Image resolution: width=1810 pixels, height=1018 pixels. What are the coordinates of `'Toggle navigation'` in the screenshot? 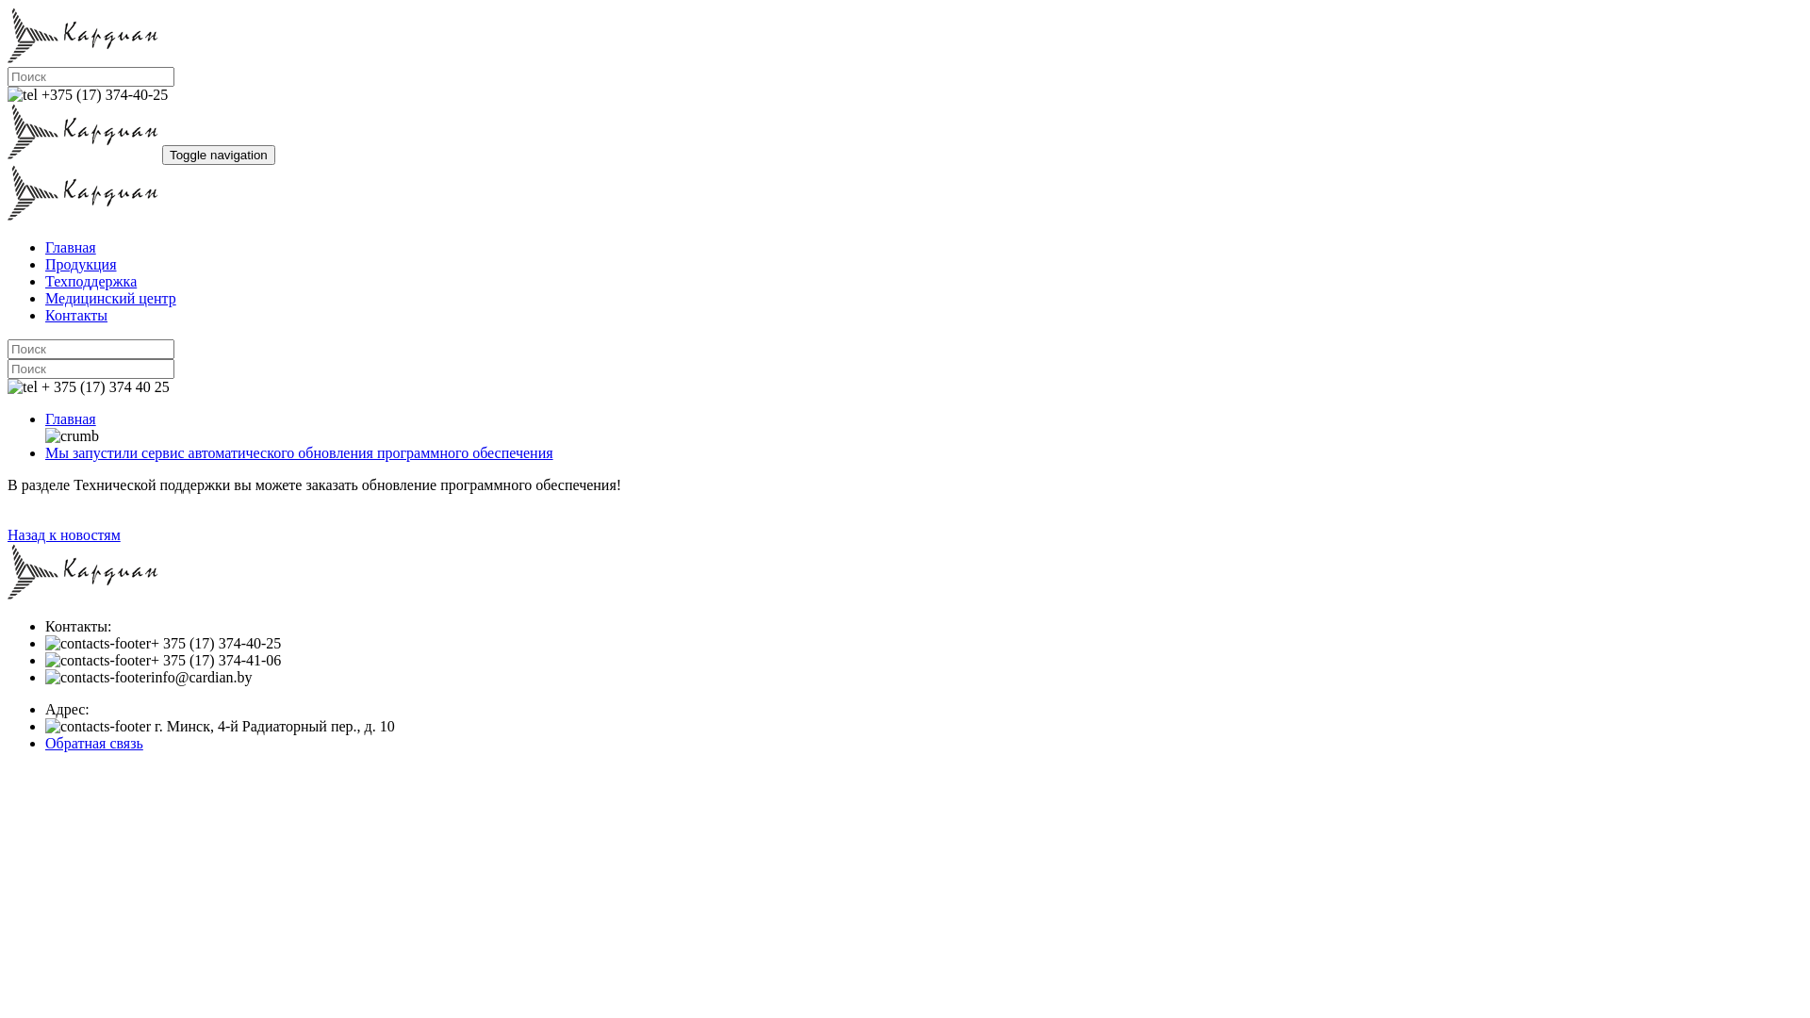 It's located at (218, 154).